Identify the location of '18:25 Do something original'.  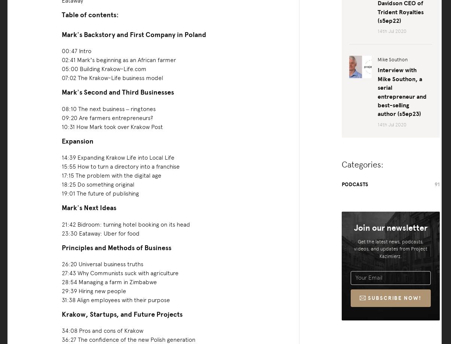
(97, 184).